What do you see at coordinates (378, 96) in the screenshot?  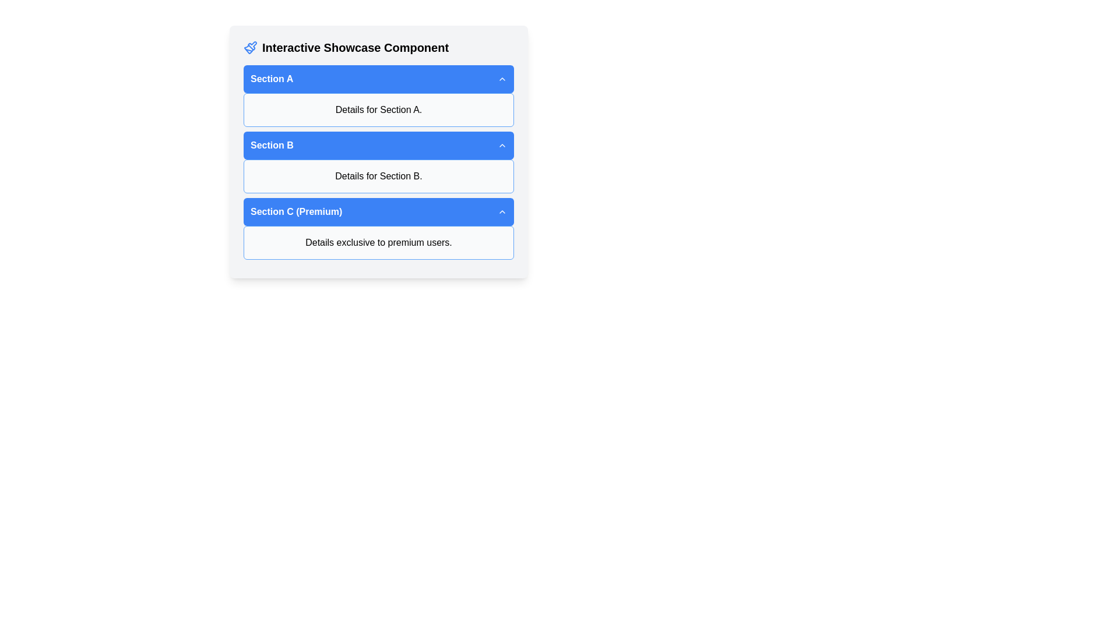 I see `the chevron icon on the blue header labeled 'Section A' of the collapsible panel` at bounding box center [378, 96].